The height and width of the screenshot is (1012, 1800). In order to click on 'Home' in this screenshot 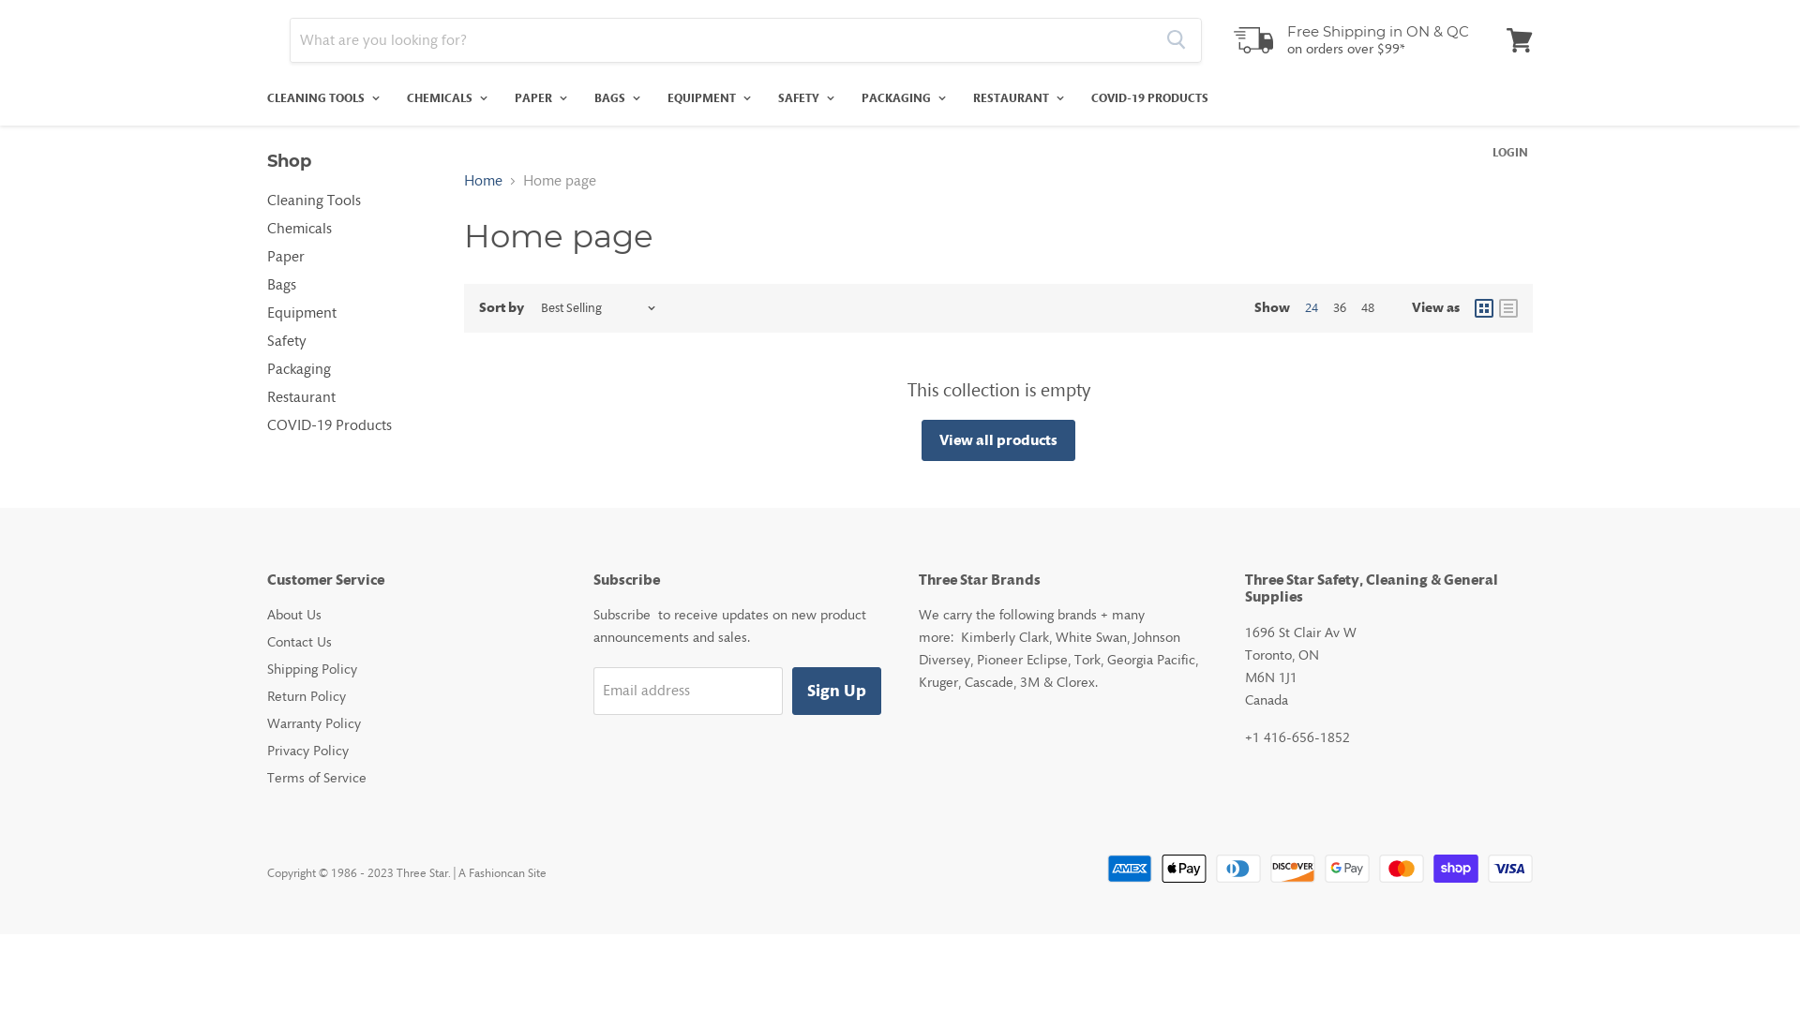, I will do `click(463, 180)`.